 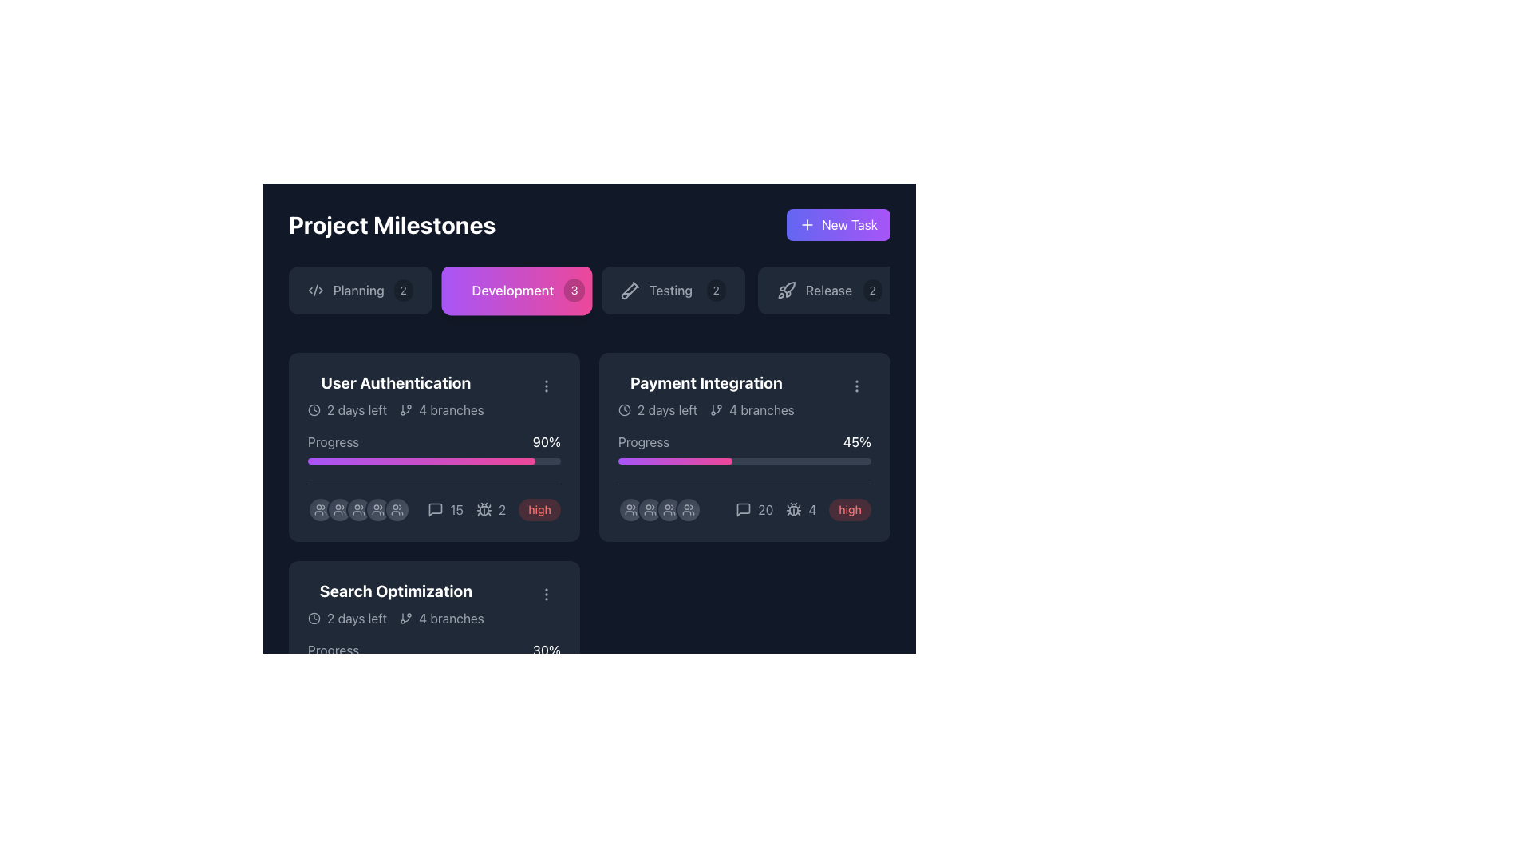 I want to click on the interactive icon in the upper right corner of the 'User Authentication' card, so click(x=547, y=386).